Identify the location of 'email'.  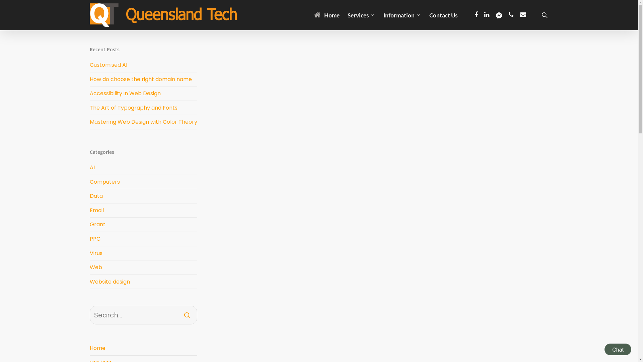
(522, 15).